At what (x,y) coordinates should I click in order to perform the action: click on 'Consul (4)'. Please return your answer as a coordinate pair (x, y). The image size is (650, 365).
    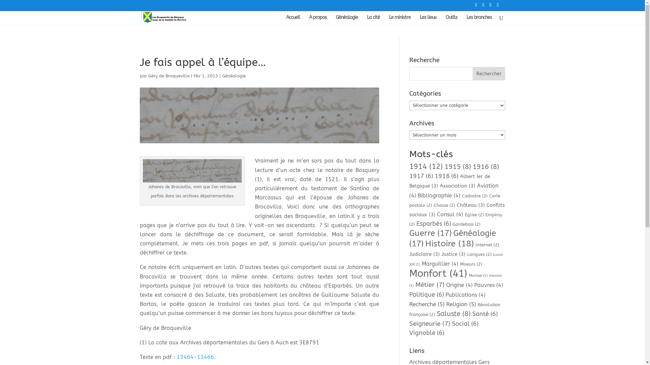
    Looking at the image, I should click on (437, 214).